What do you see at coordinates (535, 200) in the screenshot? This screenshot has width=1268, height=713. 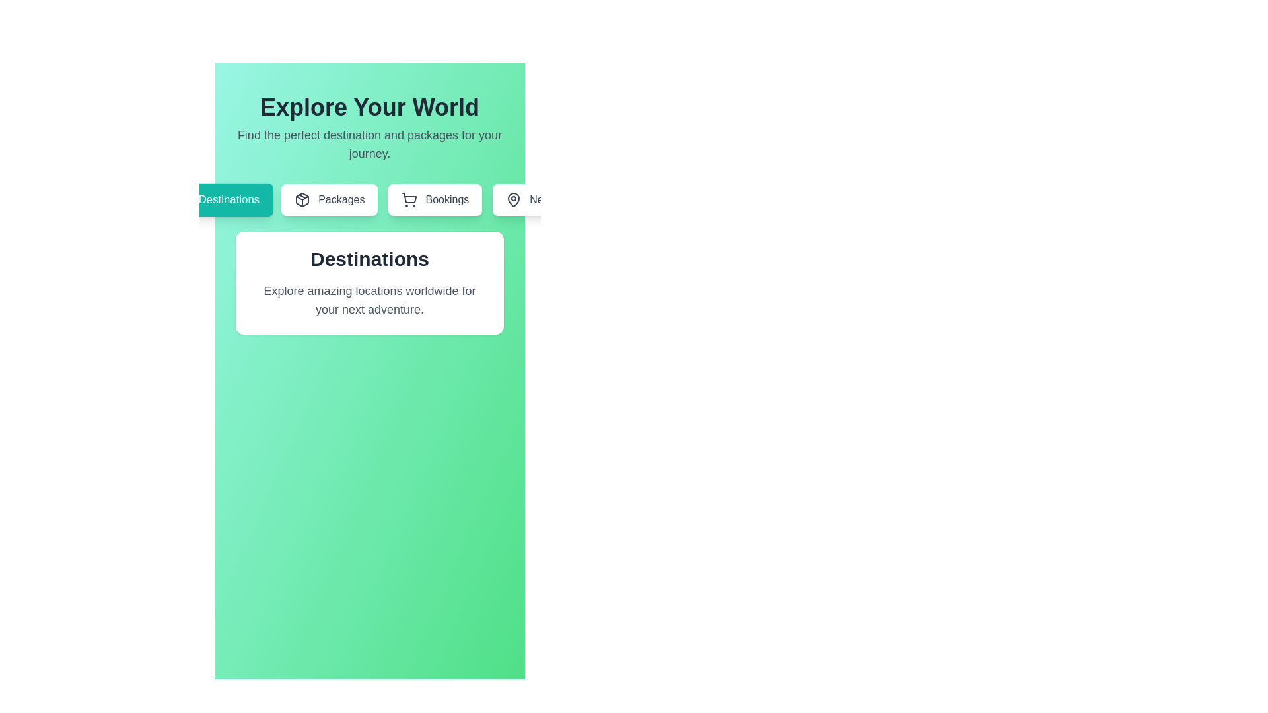 I see `the tab button labeled 'Nearby' to switch to its corresponding content` at bounding box center [535, 200].